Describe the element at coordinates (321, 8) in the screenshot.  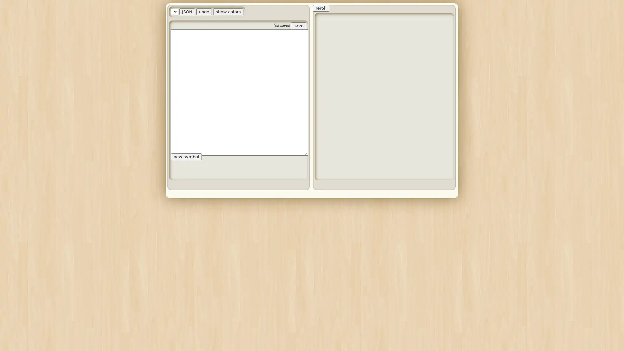
I see `reroll` at that location.